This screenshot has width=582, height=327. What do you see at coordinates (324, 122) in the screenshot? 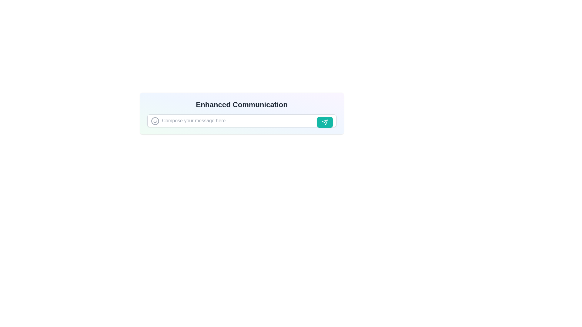
I see `the triangular paper plane icon within the teal circular button located at the right end of the text input field` at bounding box center [324, 122].